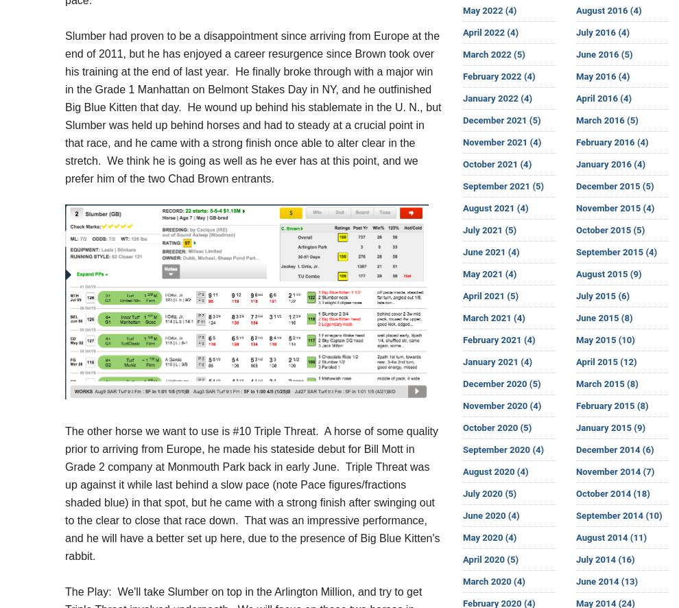 This screenshot has height=608, width=679. Describe the element at coordinates (462, 361) in the screenshot. I see `'January 2021 (4)'` at that location.